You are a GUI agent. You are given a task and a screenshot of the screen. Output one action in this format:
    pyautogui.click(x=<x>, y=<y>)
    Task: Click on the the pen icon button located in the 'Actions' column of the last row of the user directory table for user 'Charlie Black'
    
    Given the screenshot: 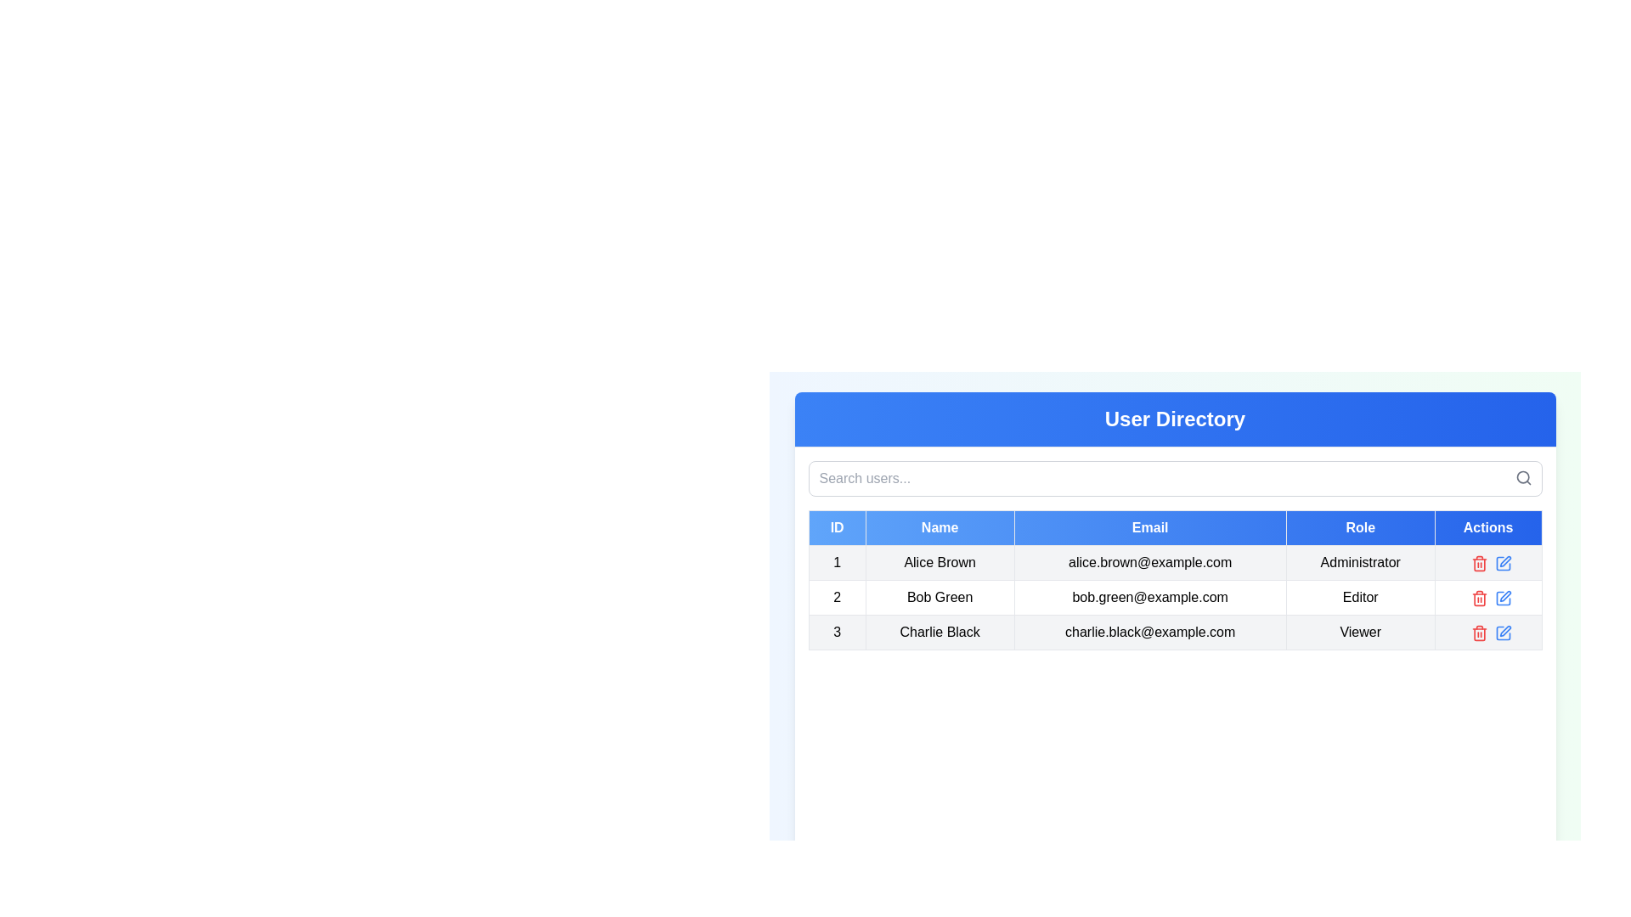 What is the action you would take?
    pyautogui.click(x=1505, y=631)
    